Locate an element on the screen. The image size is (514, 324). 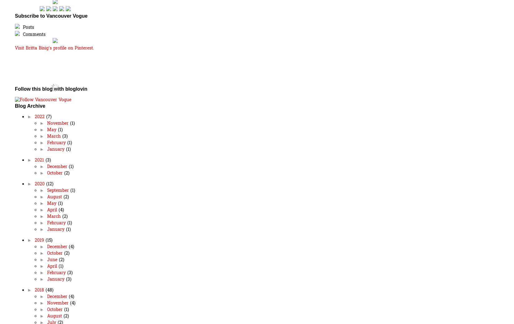
'Follow this blog with bloglovin' is located at coordinates (51, 88).